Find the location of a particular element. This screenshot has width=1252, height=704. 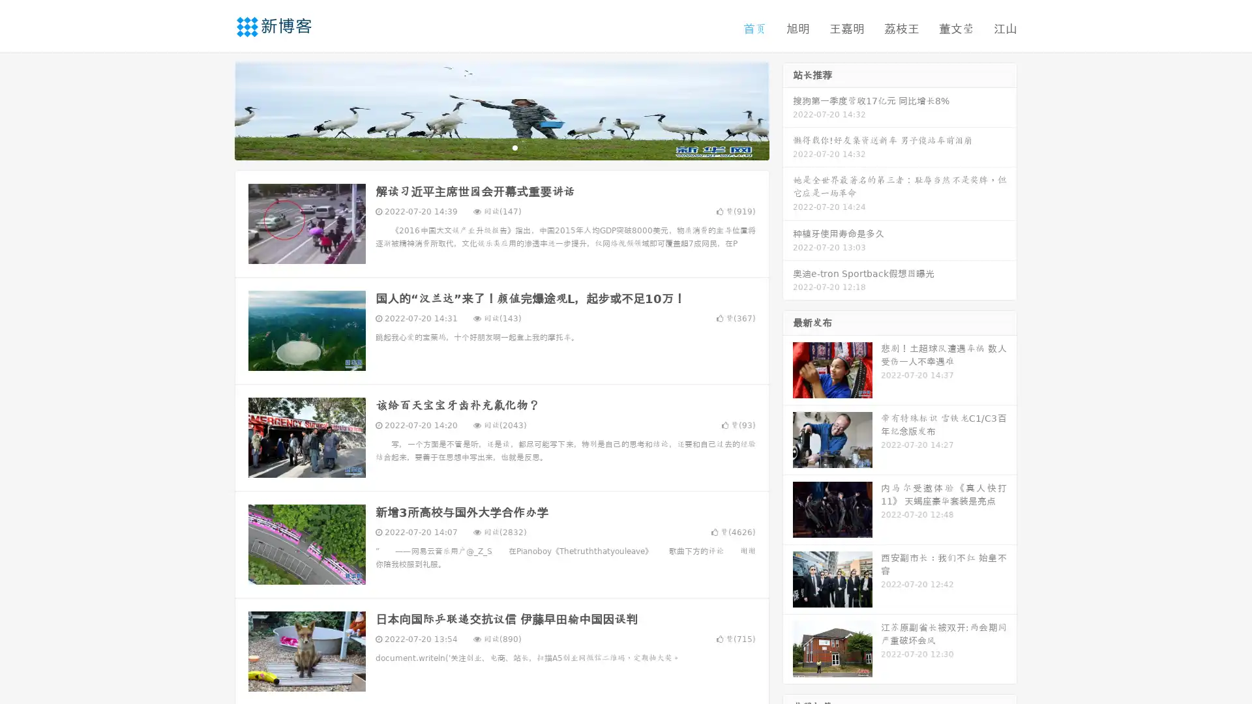

Next slide is located at coordinates (788, 110).